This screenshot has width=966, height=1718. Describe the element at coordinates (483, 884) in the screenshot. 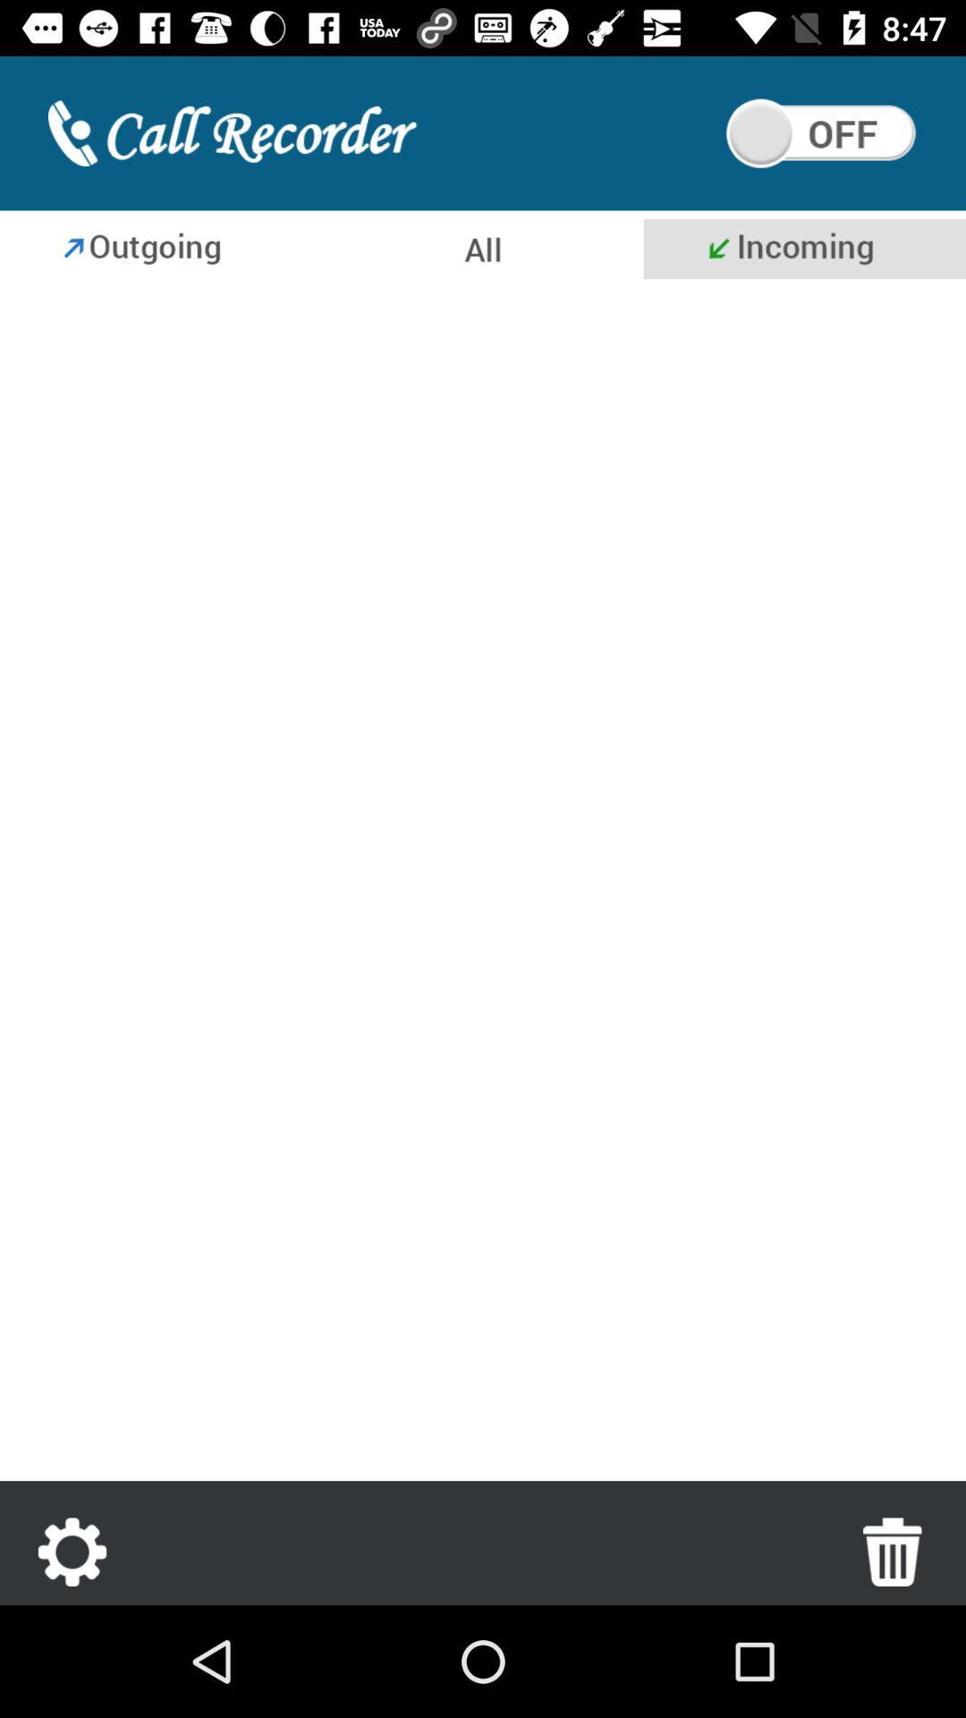

I see `incoming calls` at that location.